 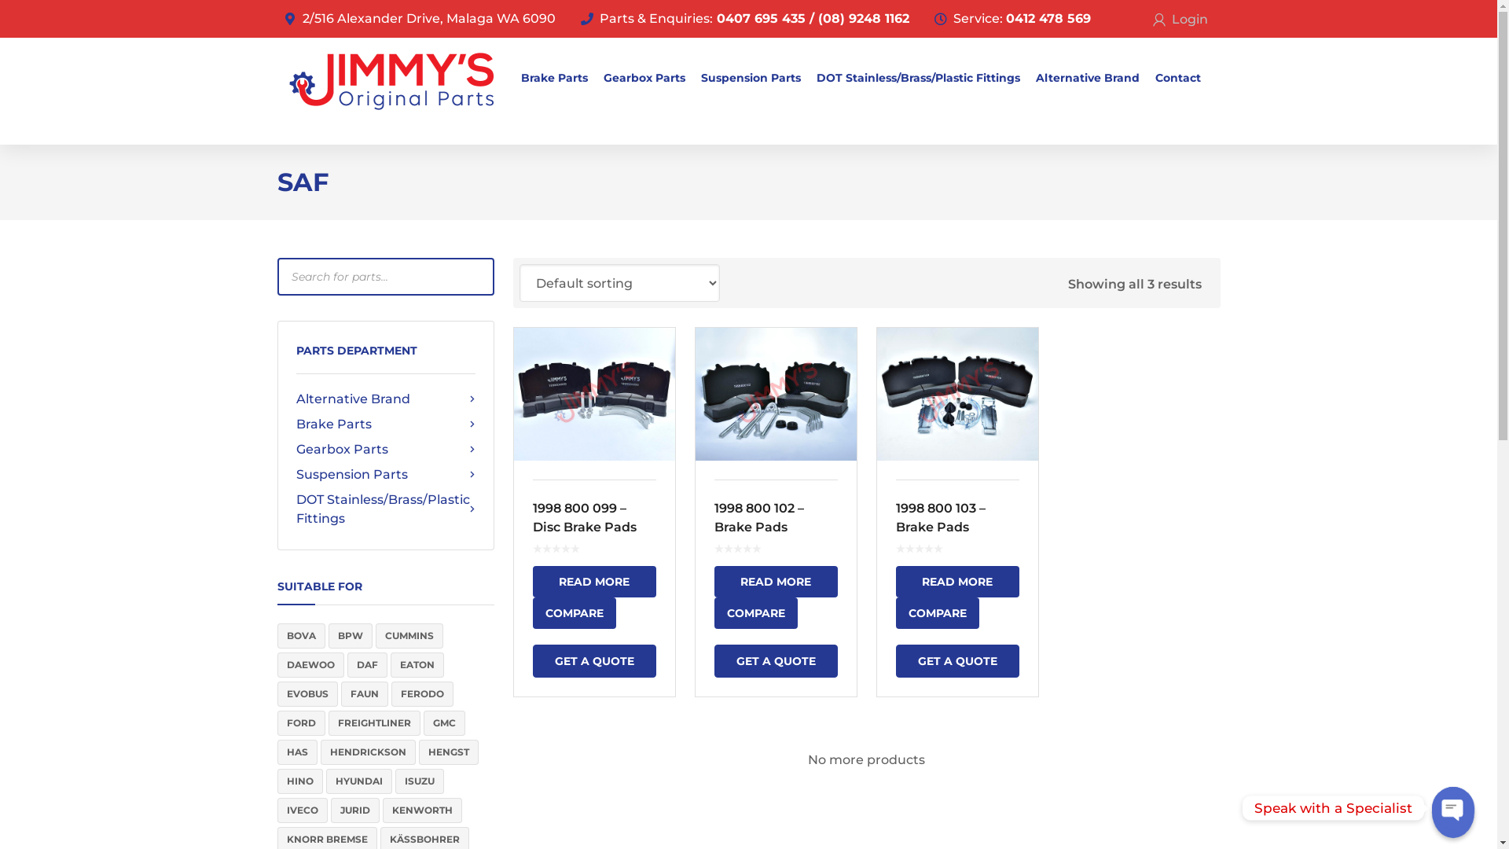 I want to click on 'HAS', so click(x=296, y=751).